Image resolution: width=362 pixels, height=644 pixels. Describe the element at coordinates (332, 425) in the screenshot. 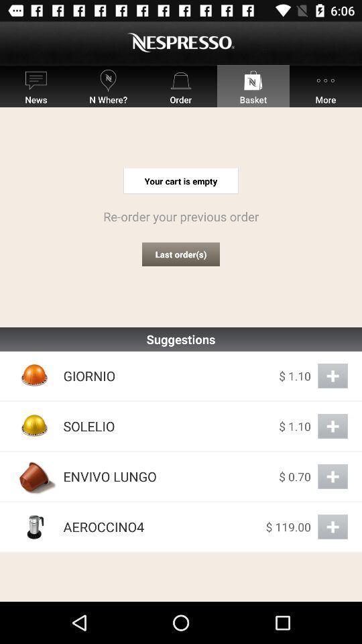

I see `to cart button` at that location.